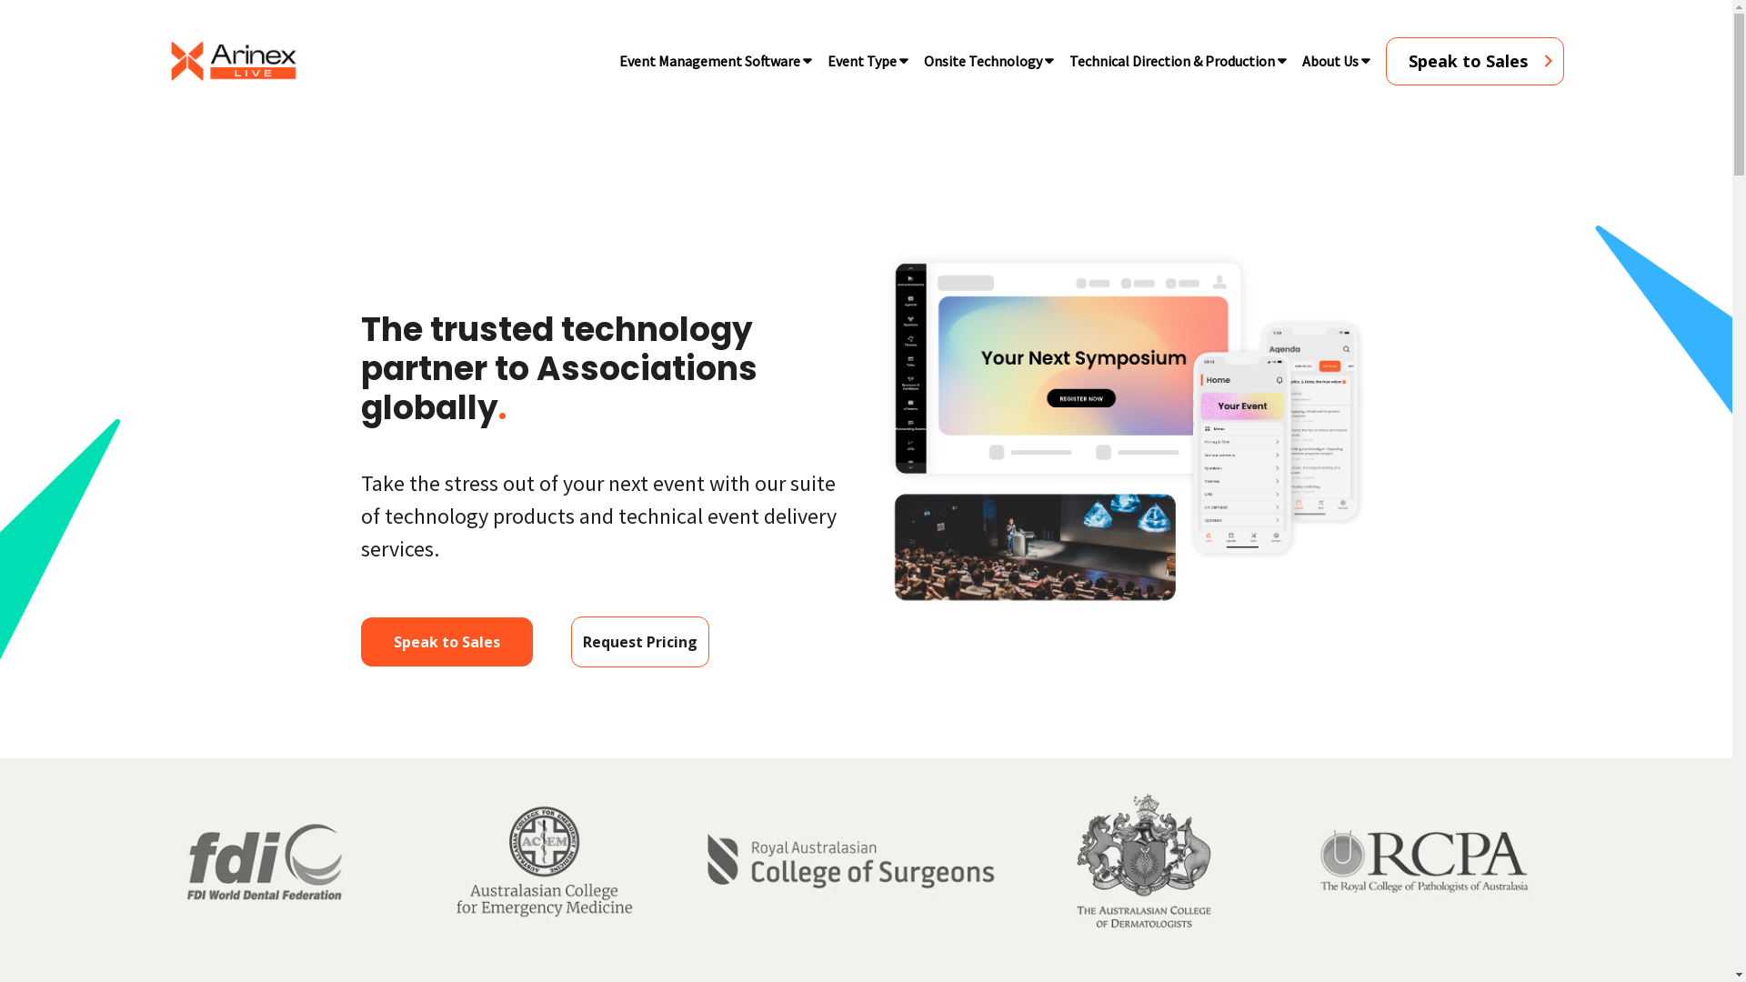  What do you see at coordinates (859, 59) in the screenshot?
I see `'Event Type'` at bounding box center [859, 59].